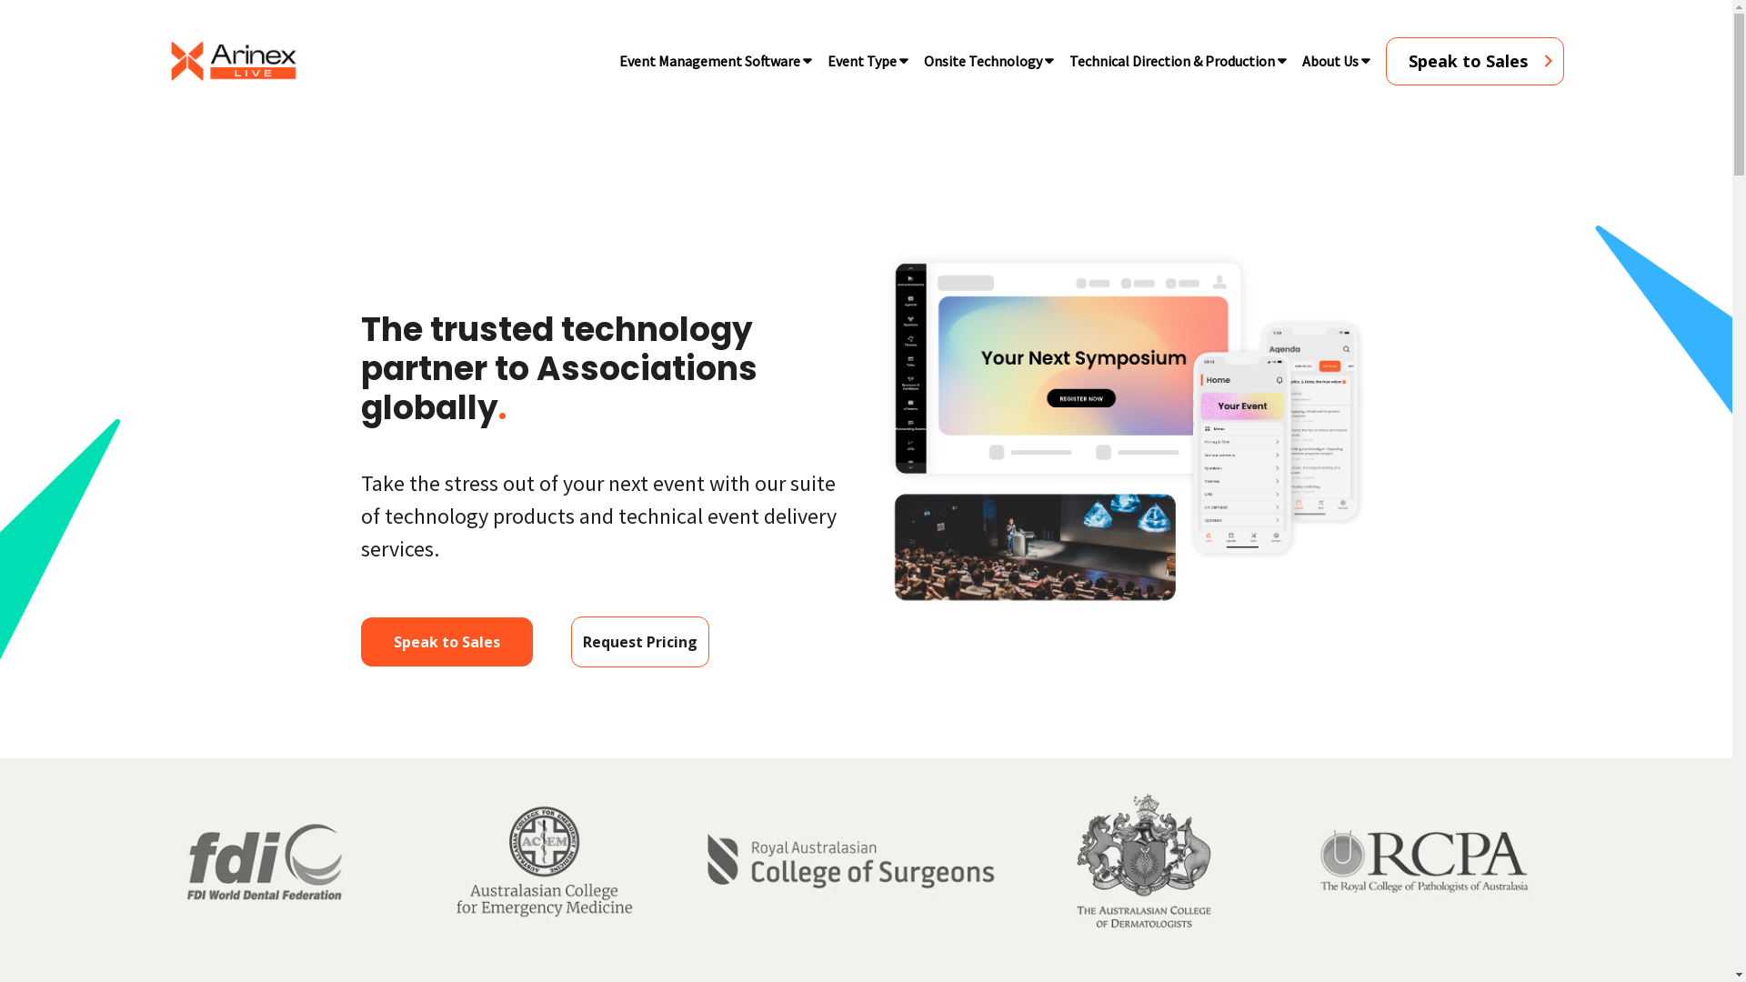  What do you see at coordinates (859, 59) in the screenshot?
I see `'Event Type'` at bounding box center [859, 59].